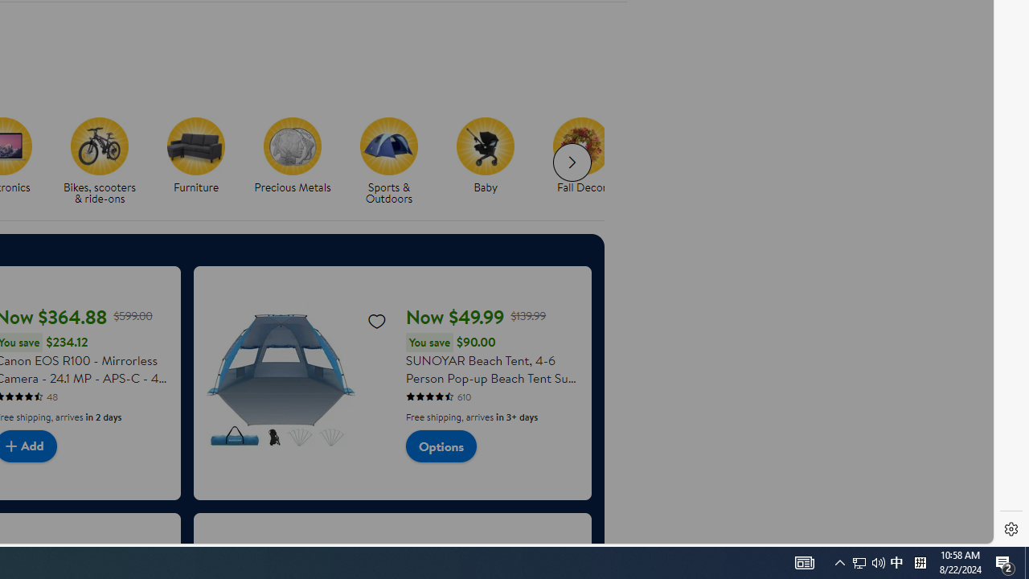 The image size is (1029, 579). Describe the element at coordinates (99, 146) in the screenshot. I see `'Bikes, scooters & ride-ons'` at that location.